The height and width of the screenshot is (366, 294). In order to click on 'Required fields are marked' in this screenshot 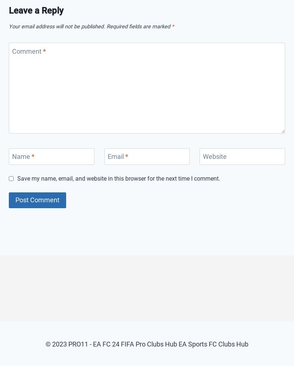, I will do `click(139, 26)`.